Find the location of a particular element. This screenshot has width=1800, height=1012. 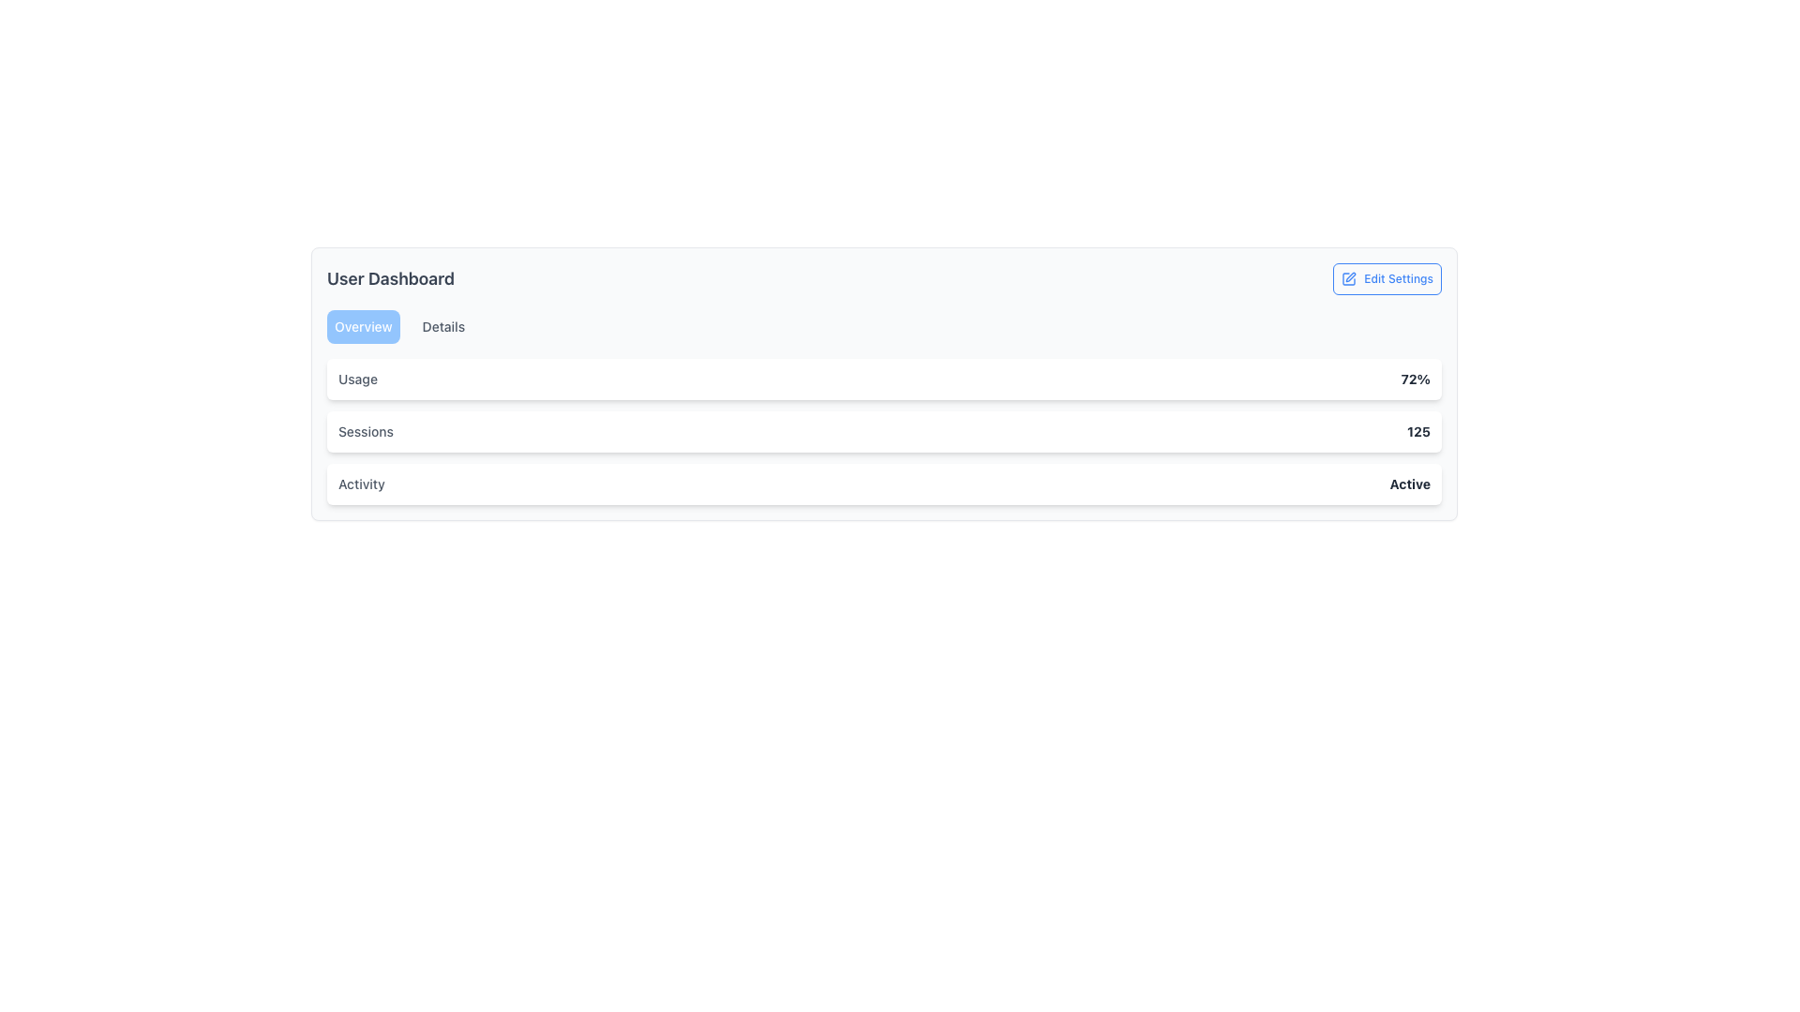

the 'Edit Settings' button with blue text and a pen icon, located to the far right of the 'User Dashboard' section is located at coordinates (1387, 278).